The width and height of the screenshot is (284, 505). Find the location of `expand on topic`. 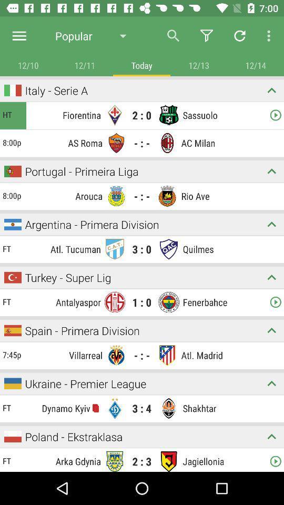

expand on topic is located at coordinates (271, 171).